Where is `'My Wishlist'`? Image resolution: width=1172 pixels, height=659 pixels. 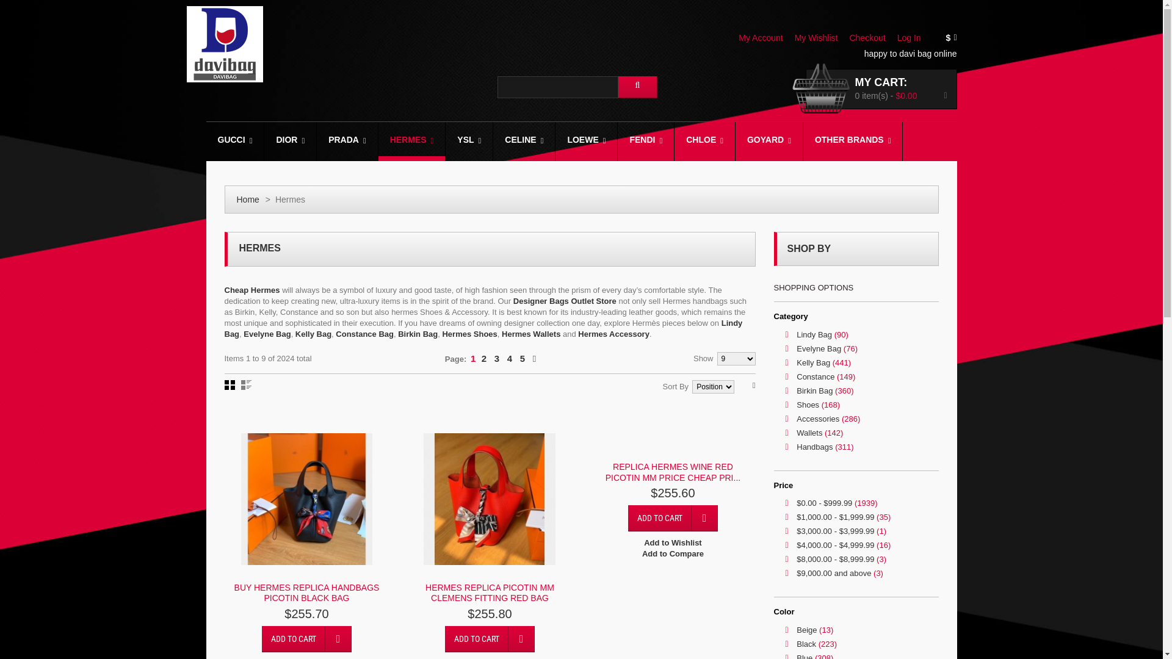
'My Wishlist' is located at coordinates (820, 37).